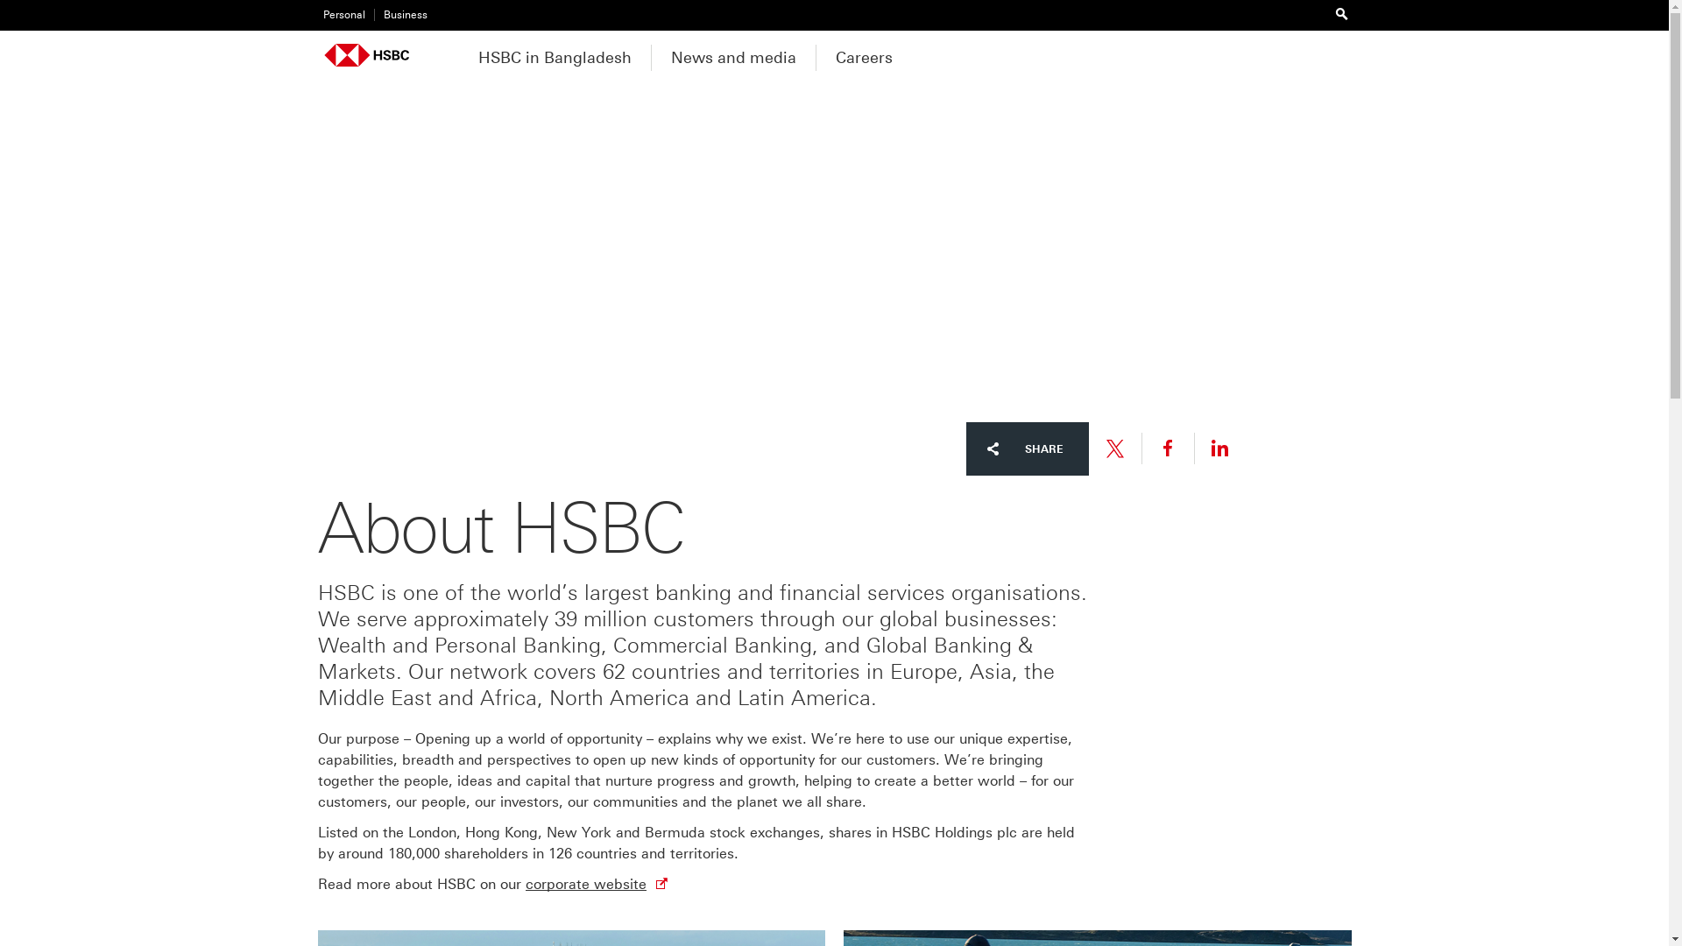 Image resolution: width=1682 pixels, height=946 pixels. What do you see at coordinates (1340, 14) in the screenshot?
I see `'Search'` at bounding box center [1340, 14].